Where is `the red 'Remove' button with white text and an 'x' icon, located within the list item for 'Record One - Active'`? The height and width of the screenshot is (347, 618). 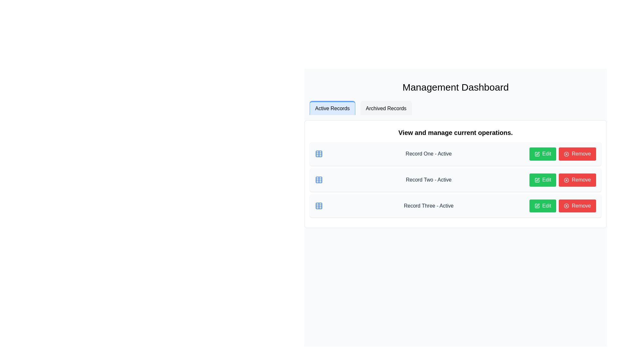
the red 'Remove' button with white text and an 'x' icon, located within the list item for 'Record One - Active' is located at coordinates (577, 154).